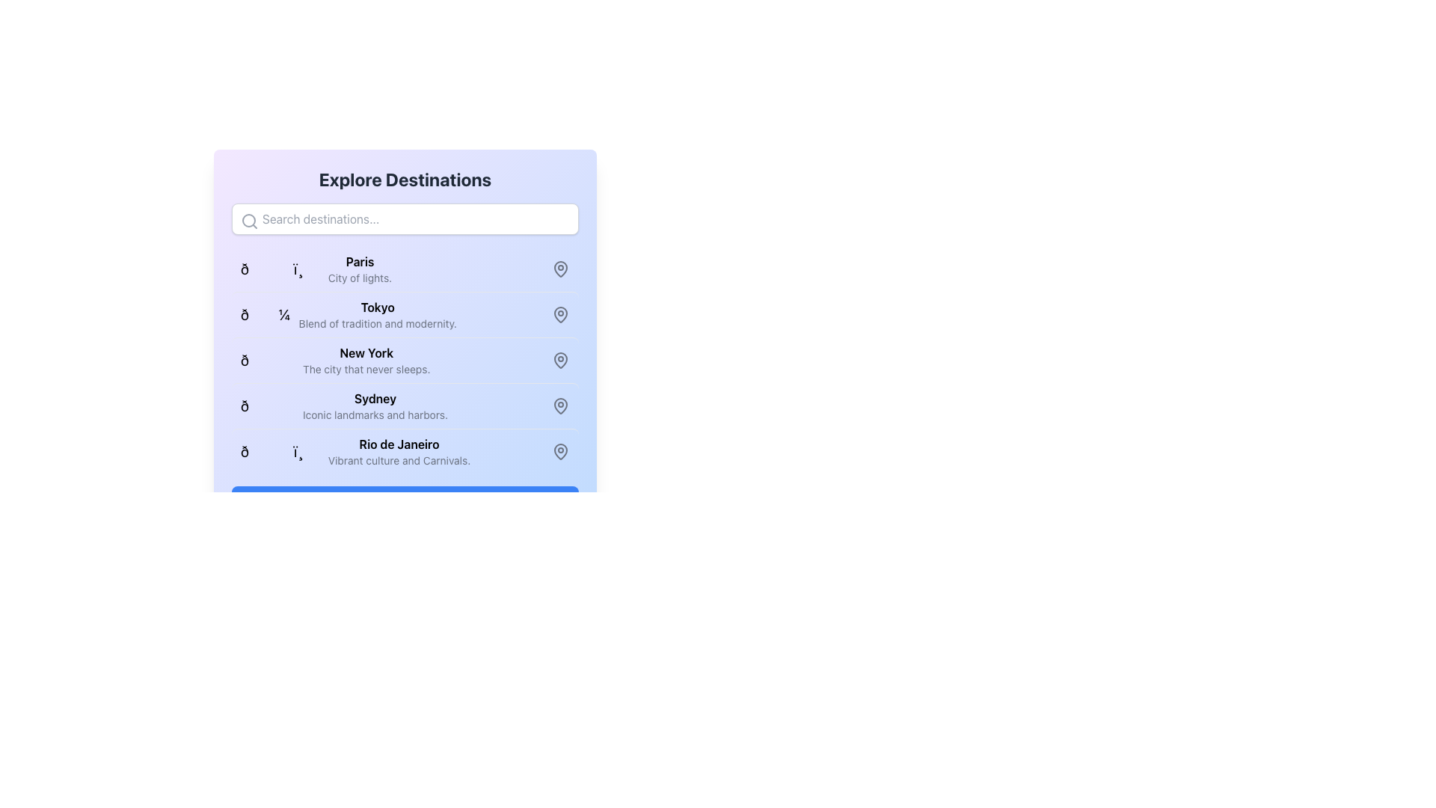 This screenshot has width=1436, height=808. I want to click on the graphical map pin icon associated with the Paris entry, which is located in the third column of the grid as the first icon in the list of locations, so click(559, 267).